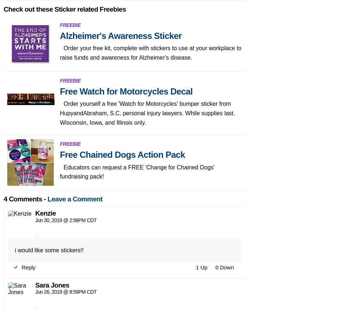 The width and height of the screenshot is (345, 309). What do you see at coordinates (52, 103) in the screenshot?
I see `'Sara Jones'` at bounding box center [52, 103].